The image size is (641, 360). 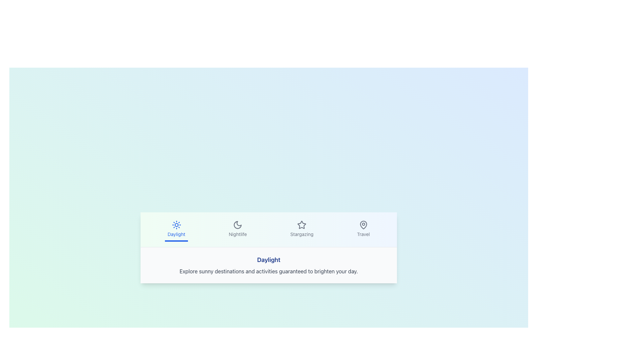 What do you see at coordinates (301, 229) in the screenshot?
I see `the third button in the horizontal menu bar` at bounding box center [301, 229].